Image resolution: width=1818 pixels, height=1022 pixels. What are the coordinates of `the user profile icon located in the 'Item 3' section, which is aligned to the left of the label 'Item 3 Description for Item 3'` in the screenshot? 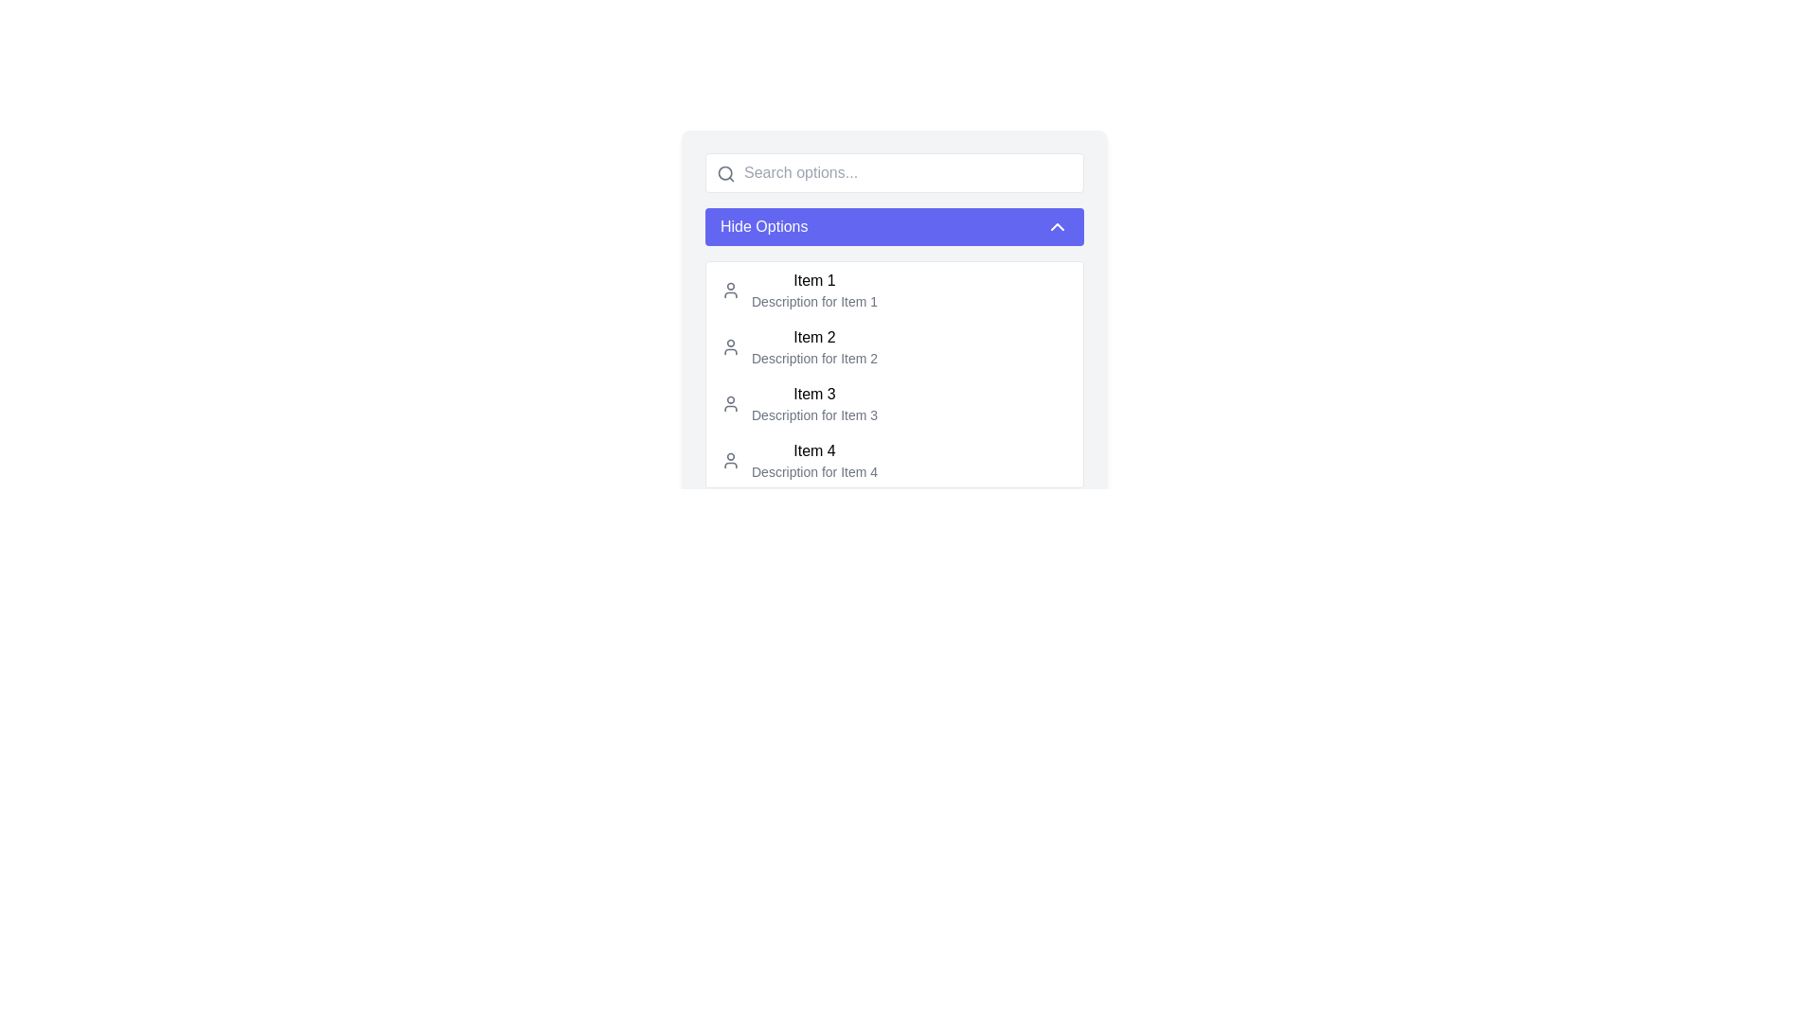 It's located at (730, 403).